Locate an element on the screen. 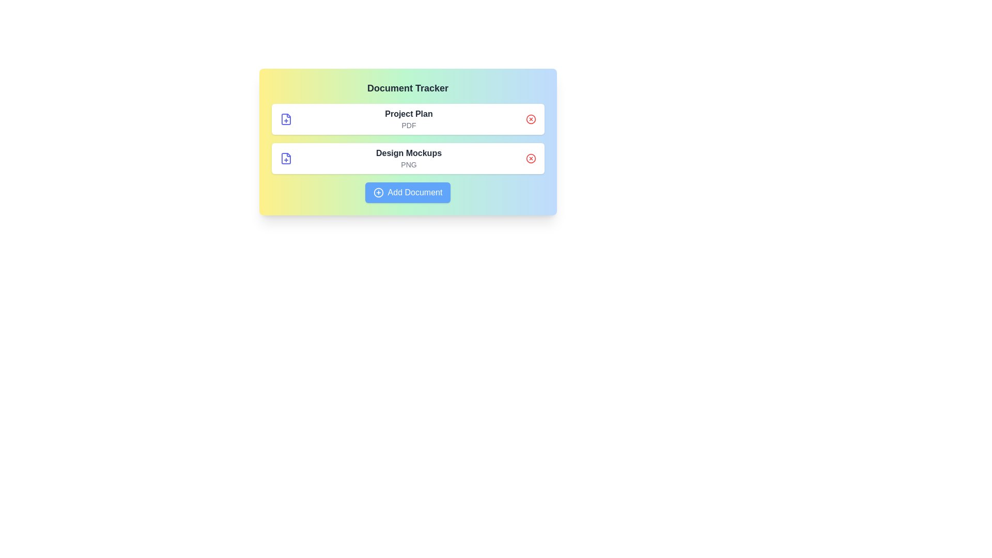 The width and height of the screenshot is (992, 558). the 'Add Document' button to add a new document is located at coordinates (407, 193).